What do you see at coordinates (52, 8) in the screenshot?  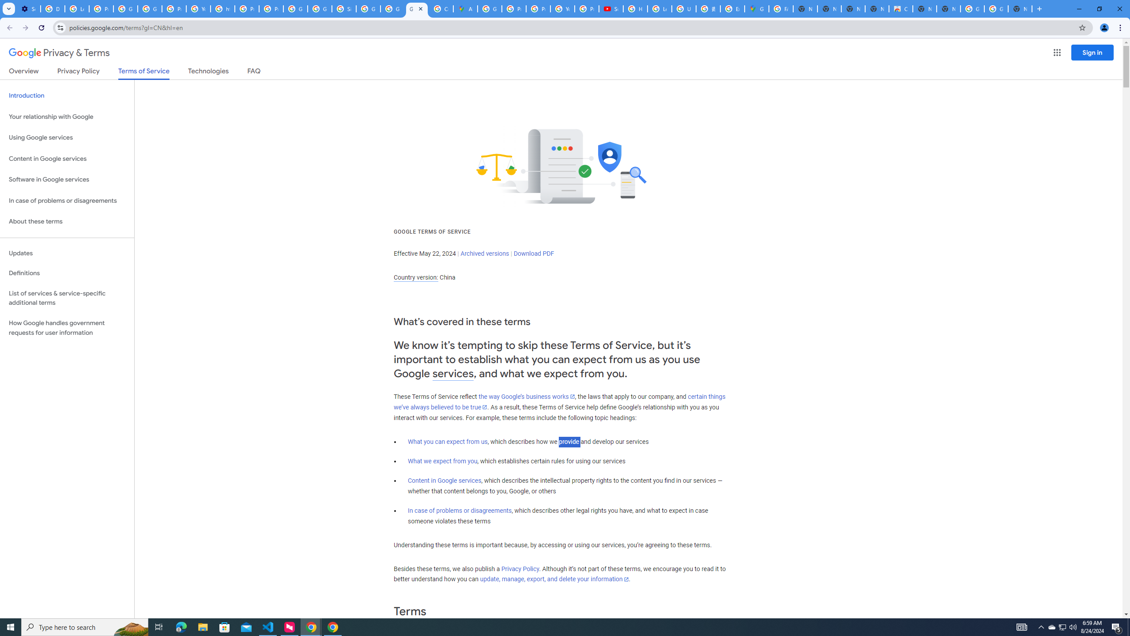 I see `'Delete photos & videos - Computer - Google Photos Help'` at bounding box center [52, 8].